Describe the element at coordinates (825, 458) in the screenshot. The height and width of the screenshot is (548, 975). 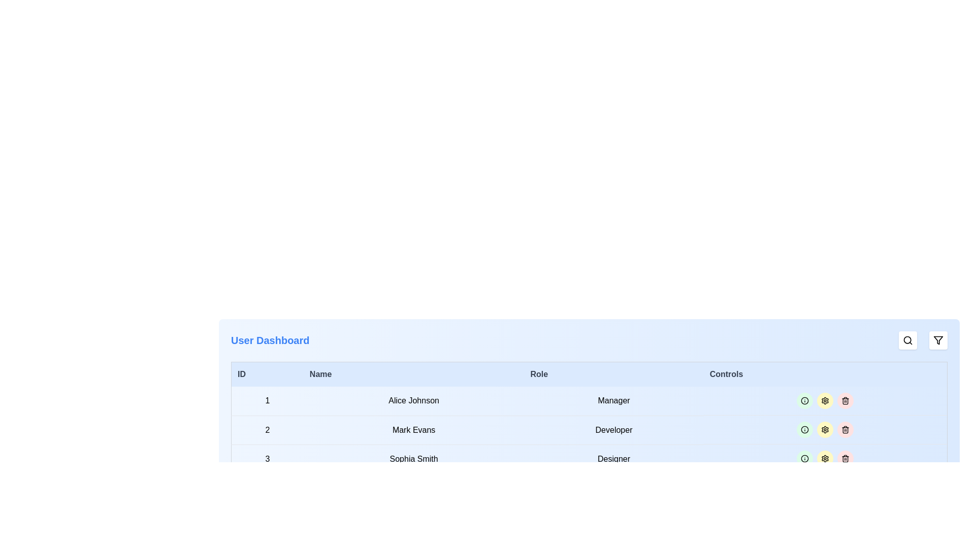
I see `the third button in the 'Controls' column of the user dashboard table` at that location.